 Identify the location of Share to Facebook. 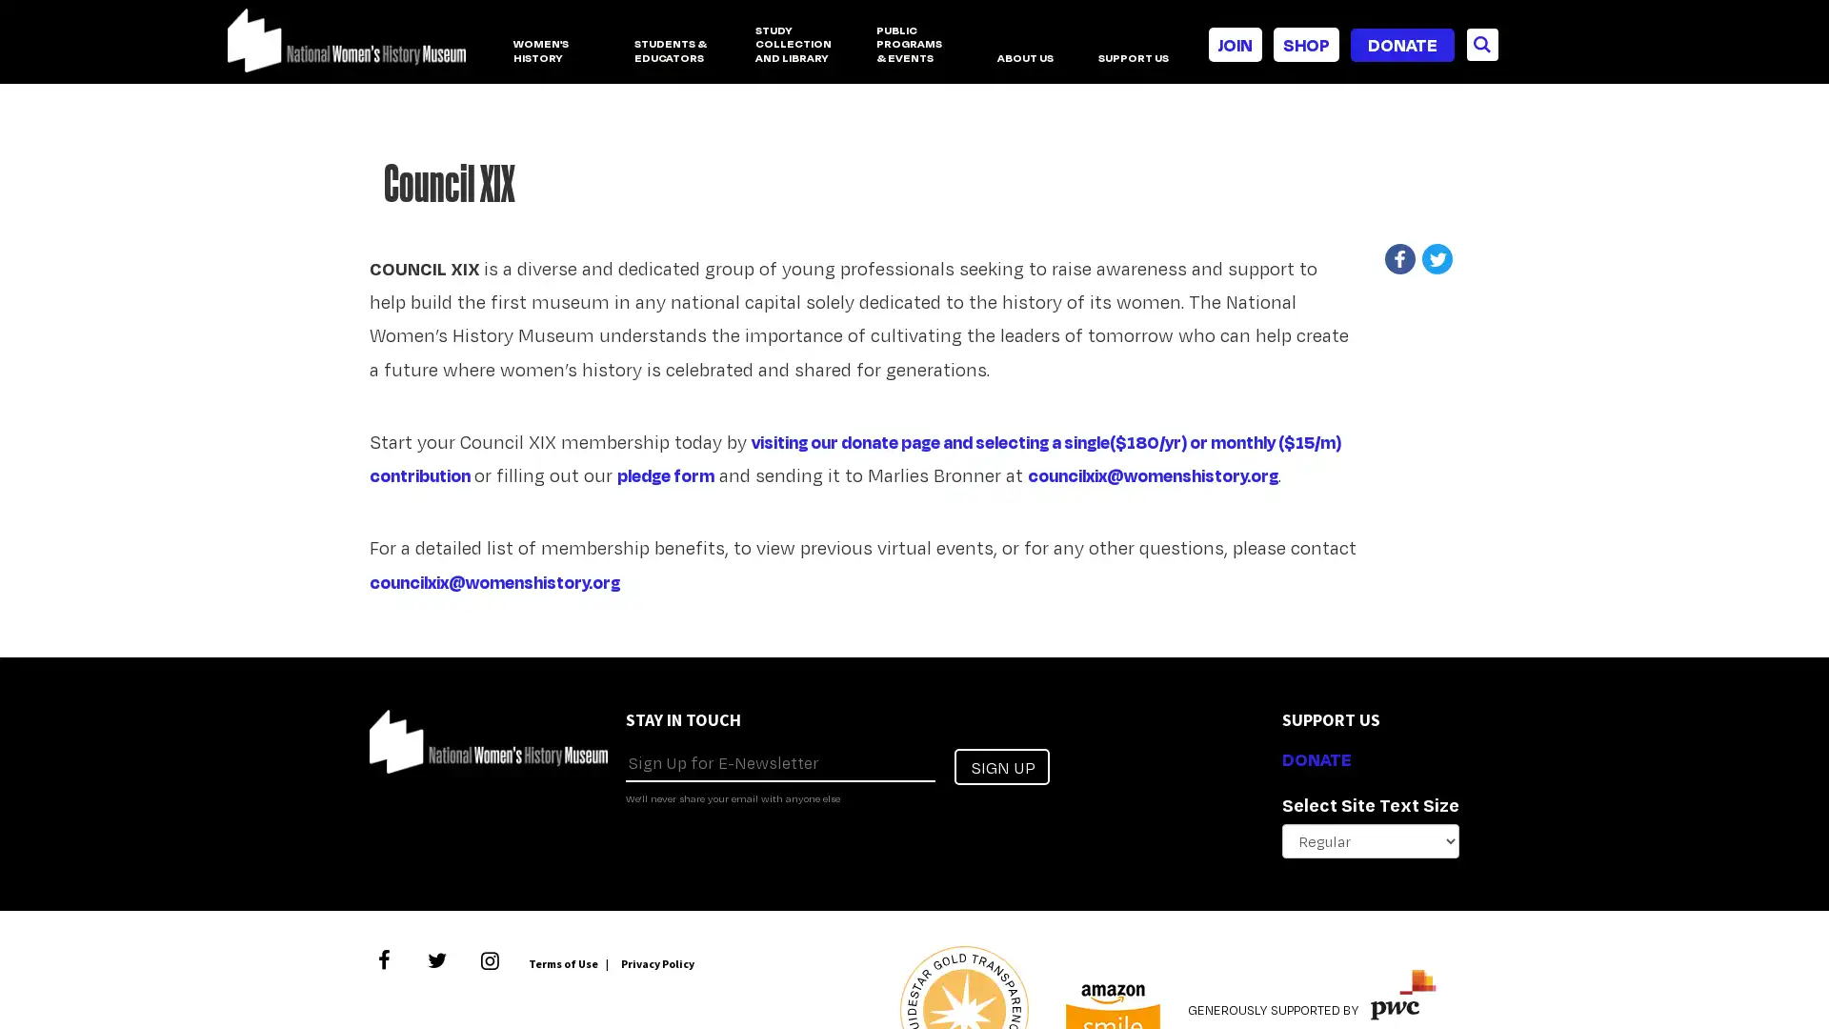
(1406, 259).